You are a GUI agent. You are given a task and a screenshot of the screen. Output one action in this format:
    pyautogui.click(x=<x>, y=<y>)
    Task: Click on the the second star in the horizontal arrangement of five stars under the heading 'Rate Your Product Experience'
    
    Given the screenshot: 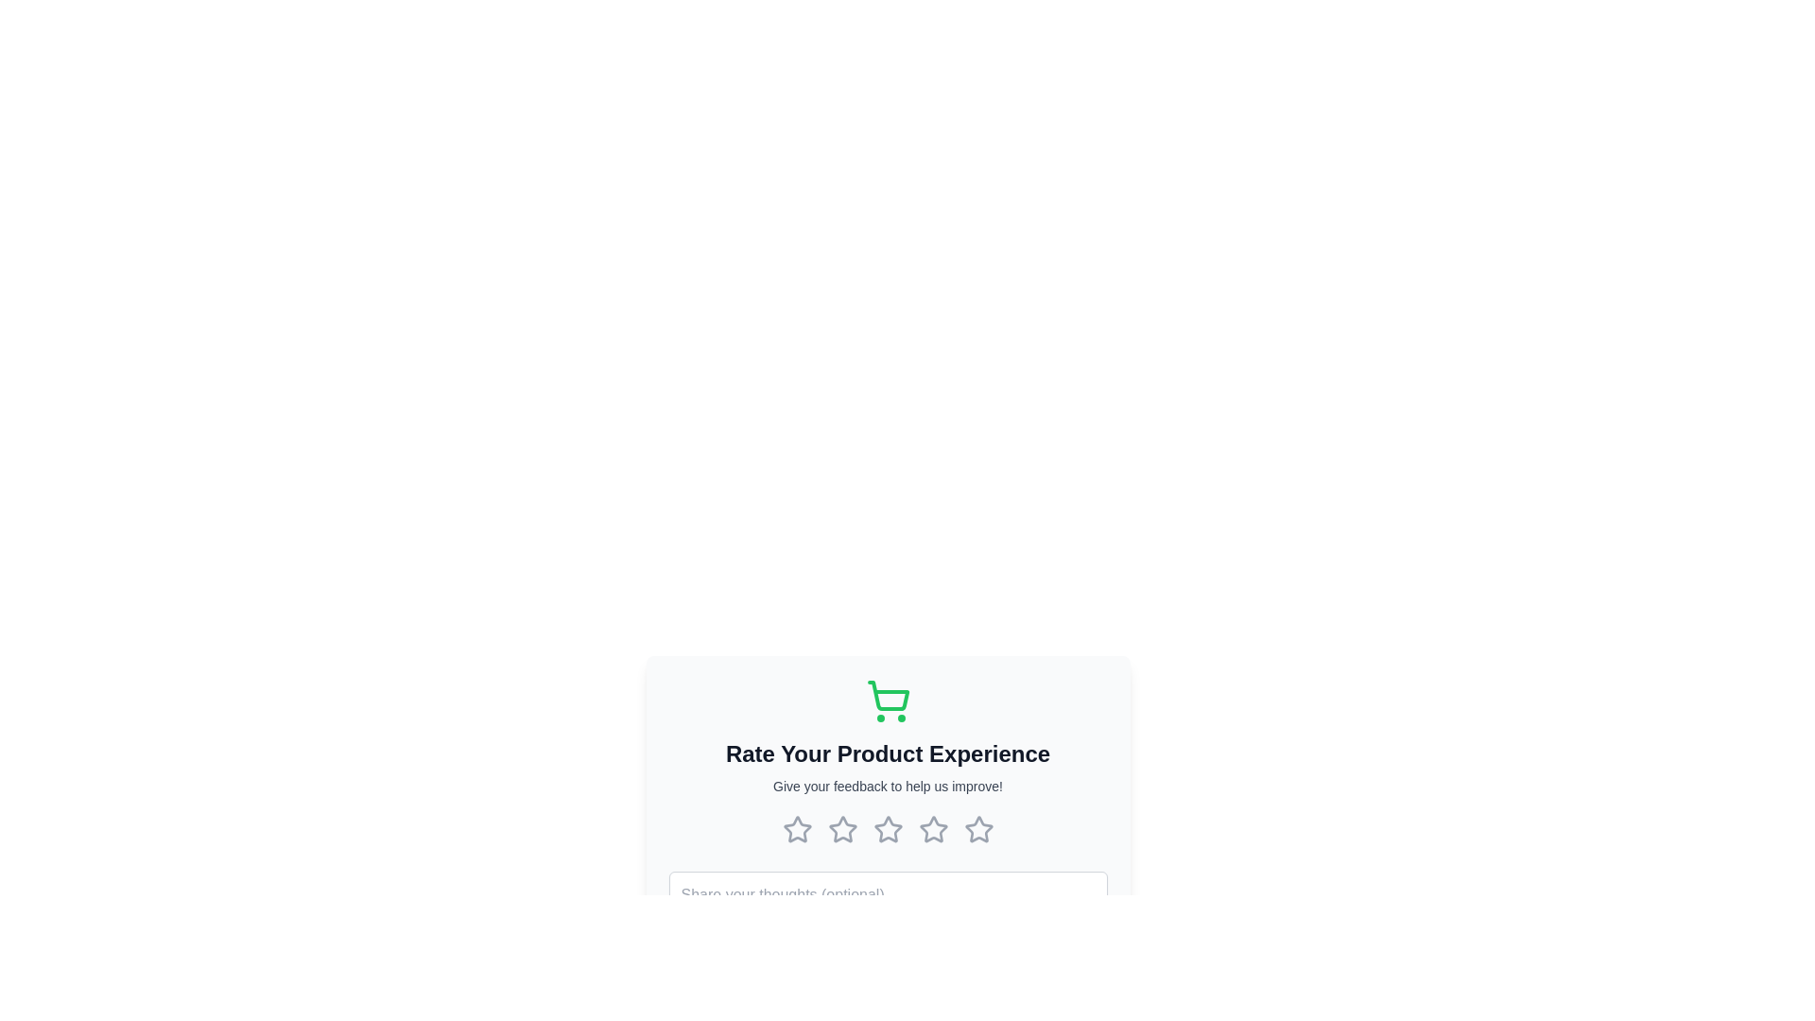 What is the action you would take?
    pyautogui.click(x=841, y=829)
    